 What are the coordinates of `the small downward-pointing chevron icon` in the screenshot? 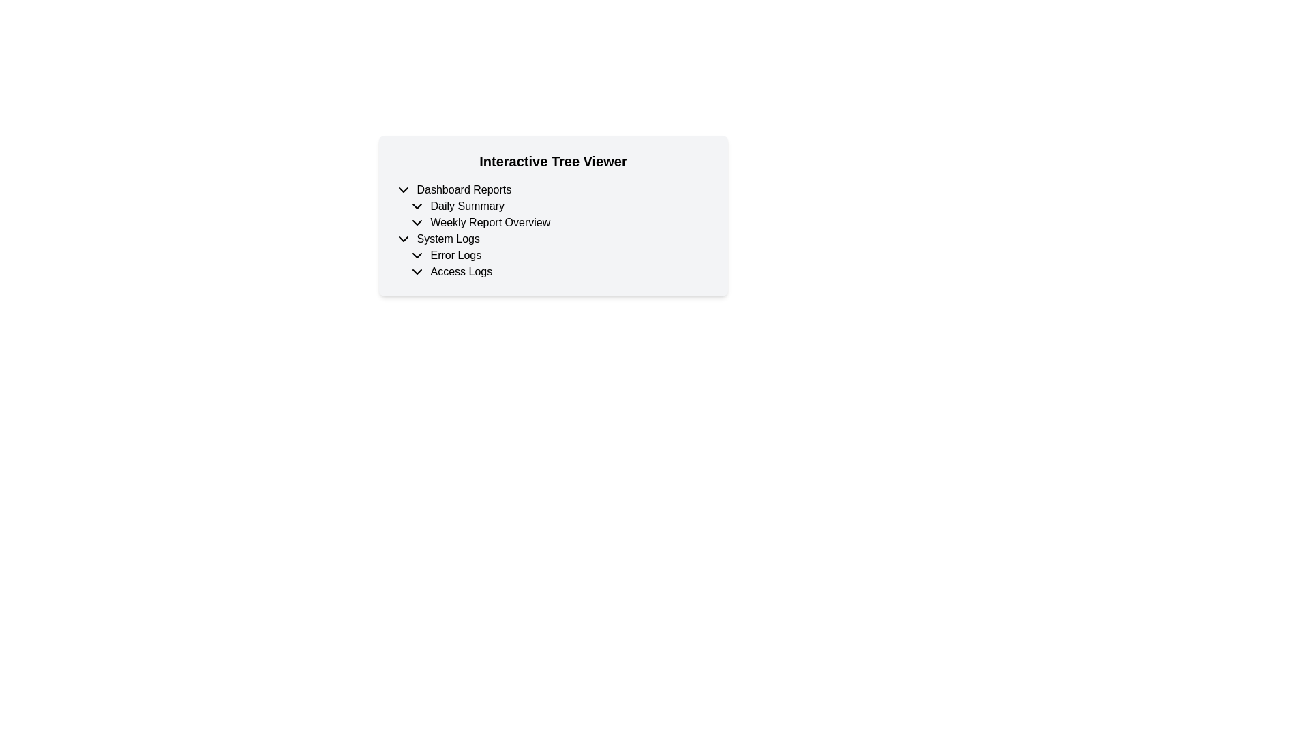 It's located at (402, 189).